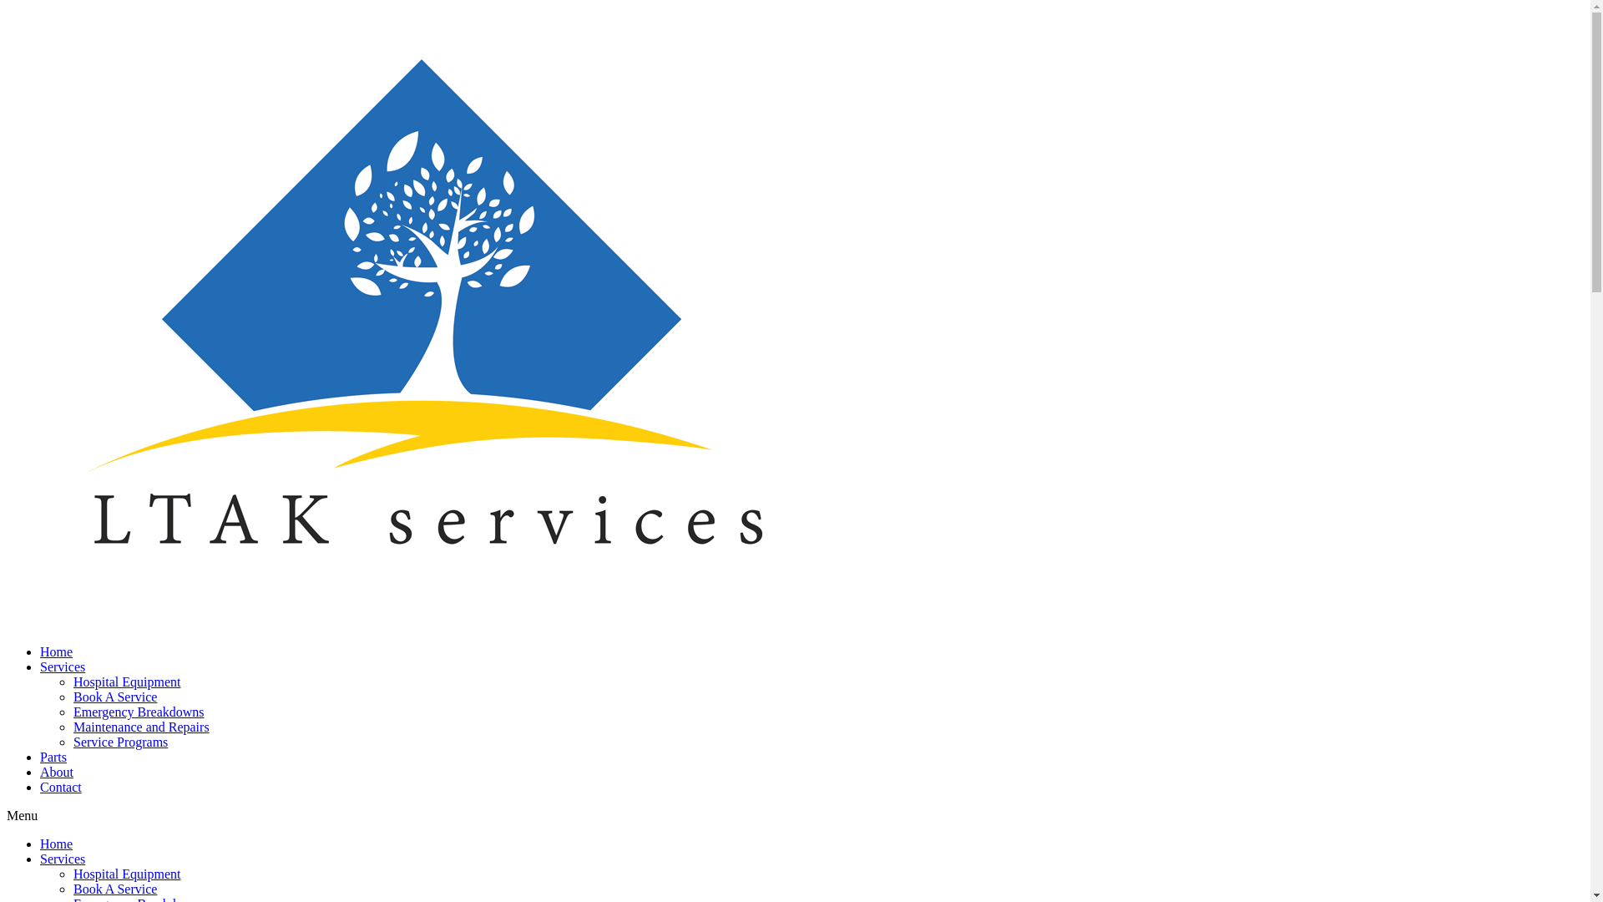  I want to click on 'Contact', so click(60, 787).